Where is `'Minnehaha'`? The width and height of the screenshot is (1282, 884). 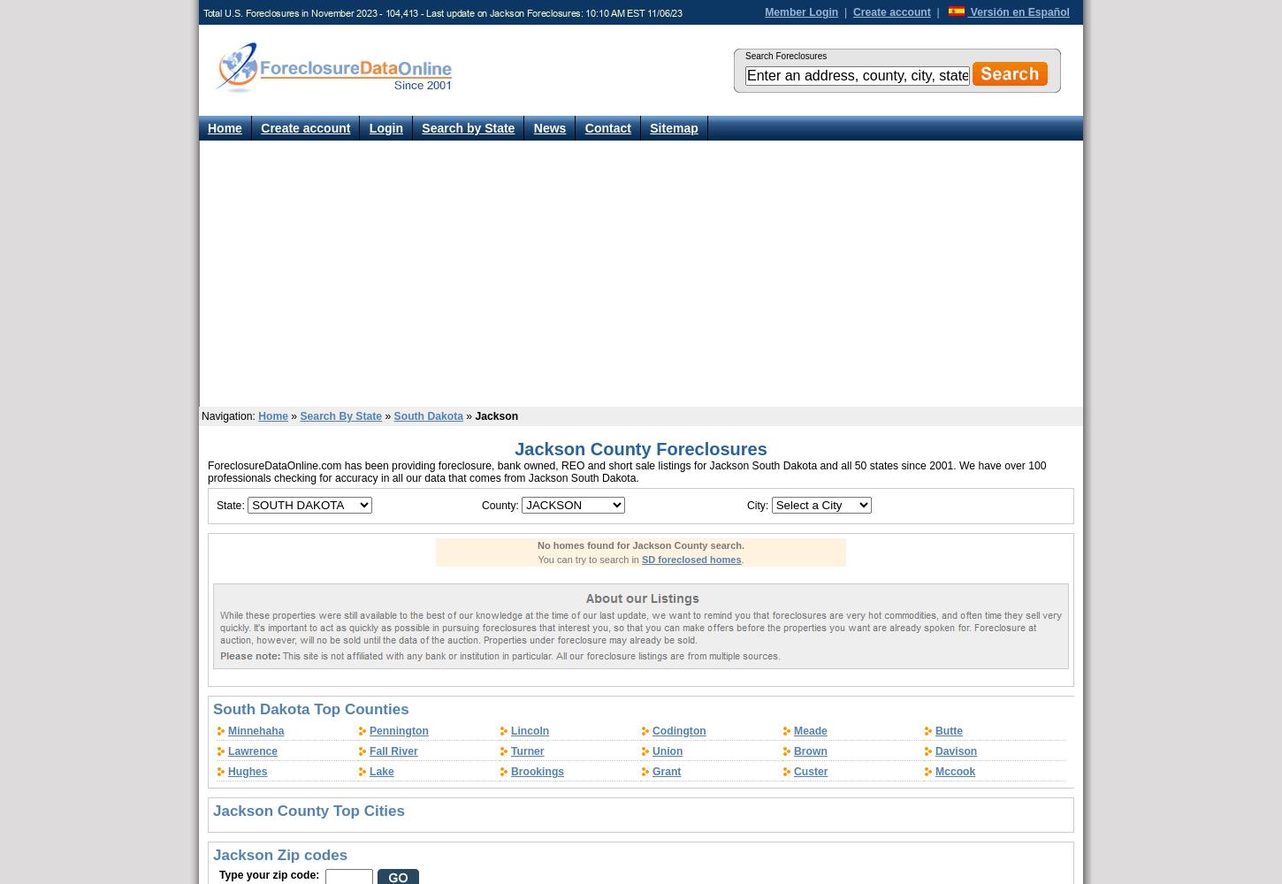
'Minnehaha' is located at coordinates (227, 730).